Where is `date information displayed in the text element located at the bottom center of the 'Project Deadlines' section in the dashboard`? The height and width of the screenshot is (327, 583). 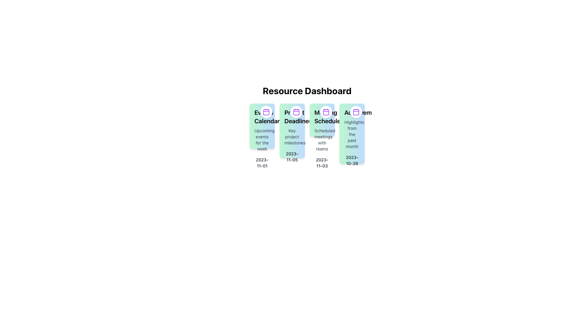
date information displayed in the text element located at the bottom center of the 'Project Deadlines' section in the dashboard is located at coordinates (292, 156).